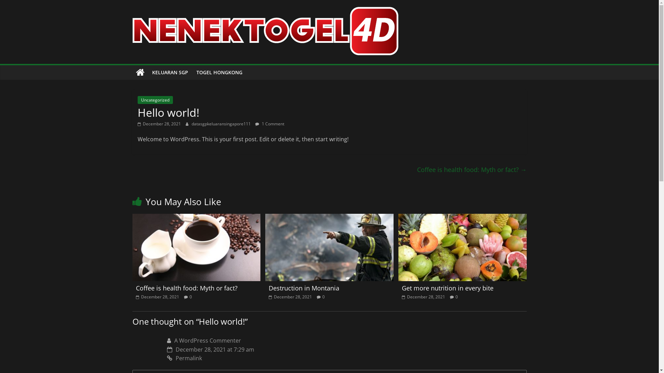 This screenshot has width=664, height=373. I want to click on 'December 28, 2021', so click(159, 123).